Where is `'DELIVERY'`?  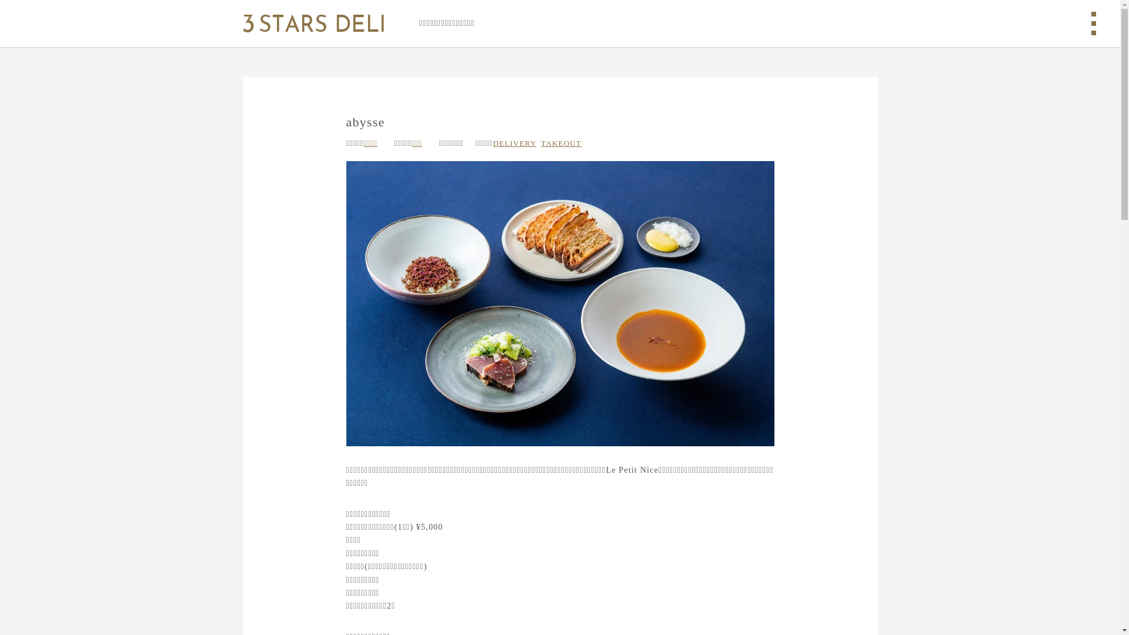 'DELIVERY' is located at coordinates (493, 142).